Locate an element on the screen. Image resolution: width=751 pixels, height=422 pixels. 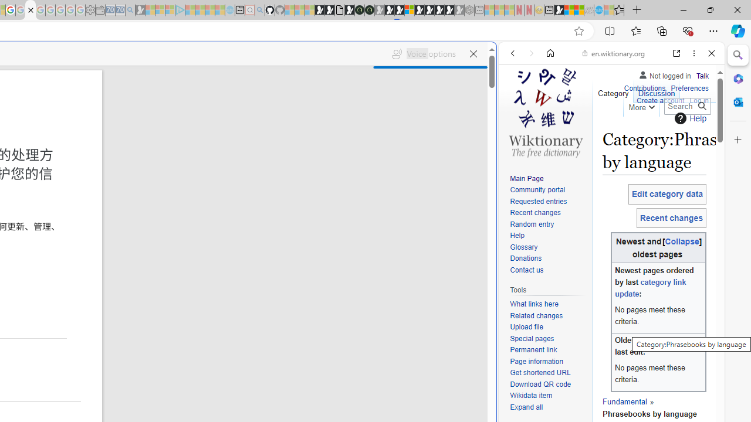
'Fundamental' is located at coordinates (624, 400).